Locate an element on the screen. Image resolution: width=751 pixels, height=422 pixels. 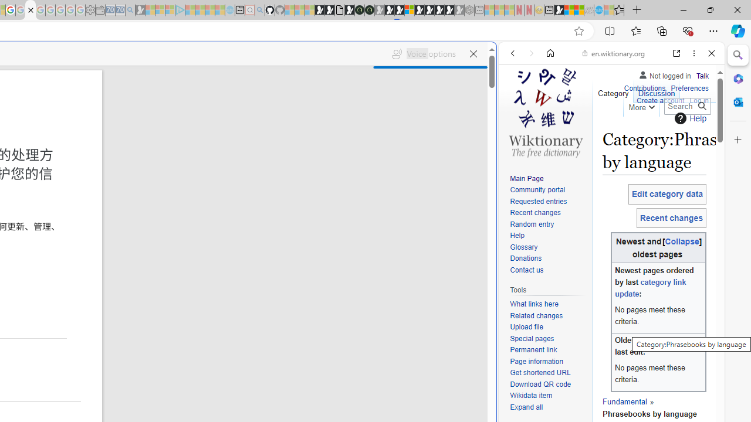
'Fundamental' is located at coordinates (624, 400).